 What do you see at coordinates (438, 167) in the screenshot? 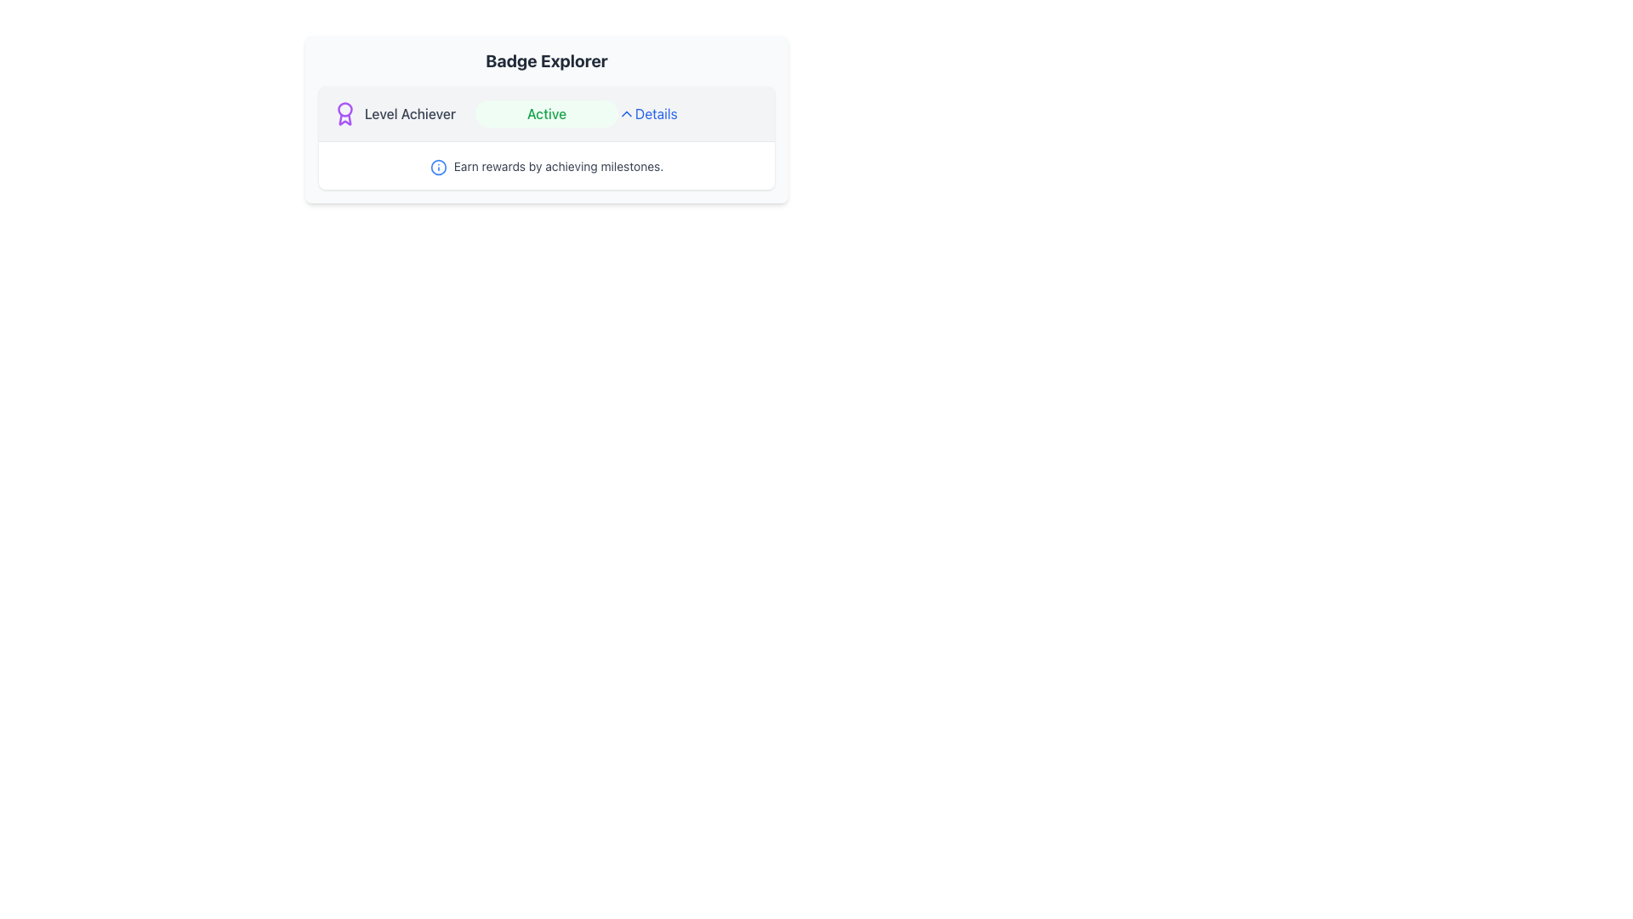
I see `the circular part of the SVG graphic in the 'Badge Explorer' box, located to the left of the text 'Earn rewards by achieving milestones.'` at bounding box center [438, 167].